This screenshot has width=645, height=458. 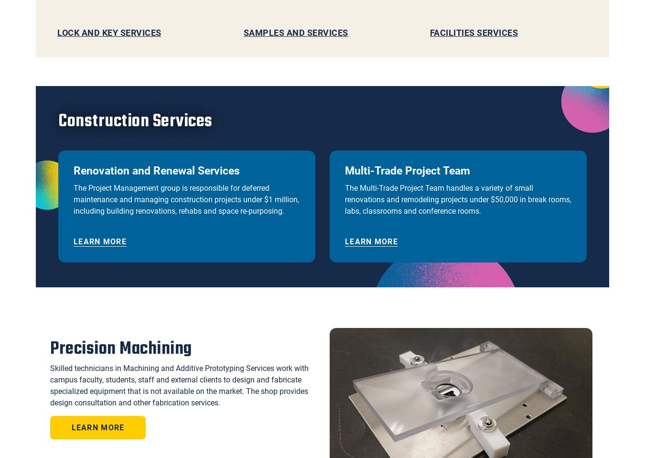 What do you see at coordinates (473, 32) in the screenshot?
I see `'Facilities Services'` at bounding box center [473, 32].